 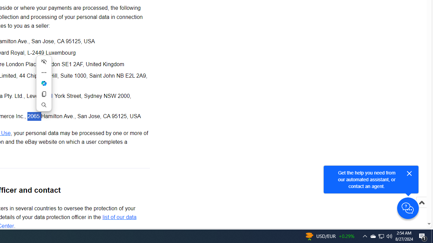 I want to click on 'Copy', so click(x=43, y=94).